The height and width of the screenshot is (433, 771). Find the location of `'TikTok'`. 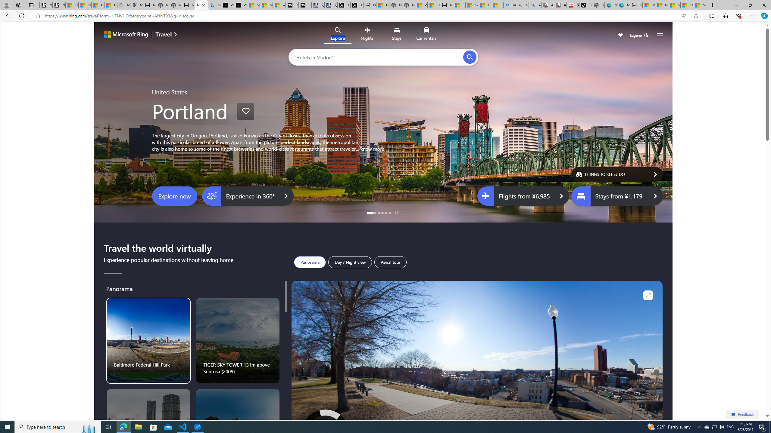

'TikTok' is located at coordinates (585, 5).